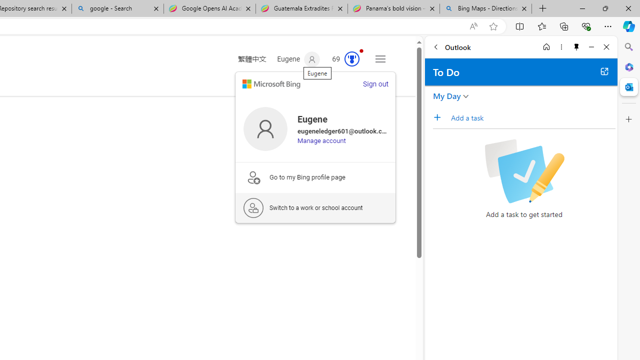 This screenshot has width=640, height=360. Describe the element at coordinates (603, 70) in the screenshot. I see `'Open in new tab'` at that location.